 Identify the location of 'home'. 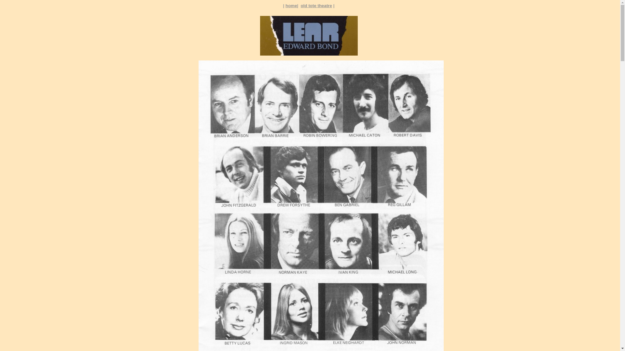
(291, 6).